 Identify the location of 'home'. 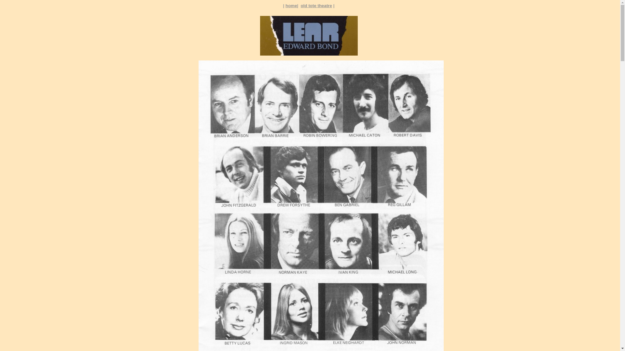
(291, 6).